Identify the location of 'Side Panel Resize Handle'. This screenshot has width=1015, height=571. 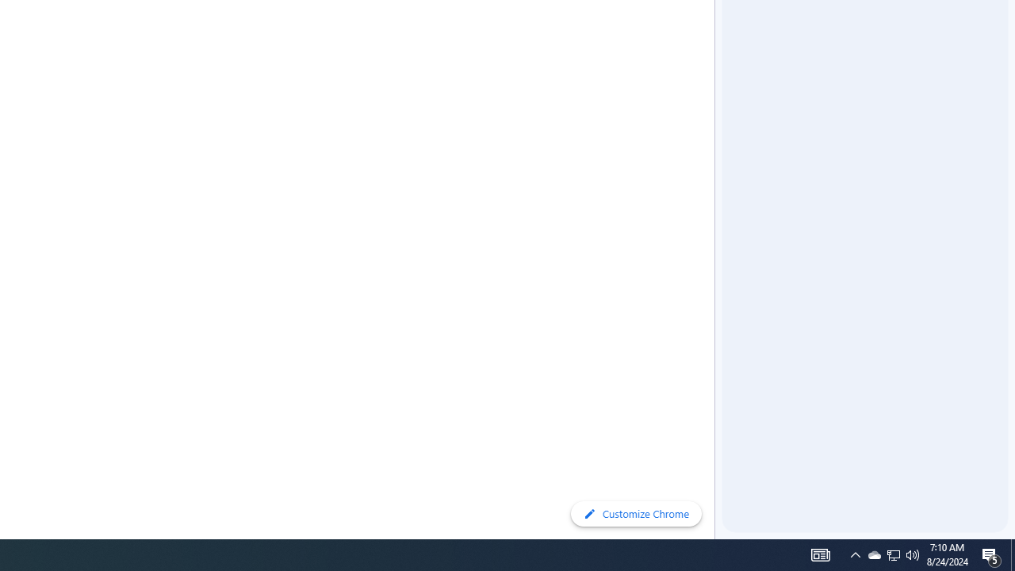
(717, 31).